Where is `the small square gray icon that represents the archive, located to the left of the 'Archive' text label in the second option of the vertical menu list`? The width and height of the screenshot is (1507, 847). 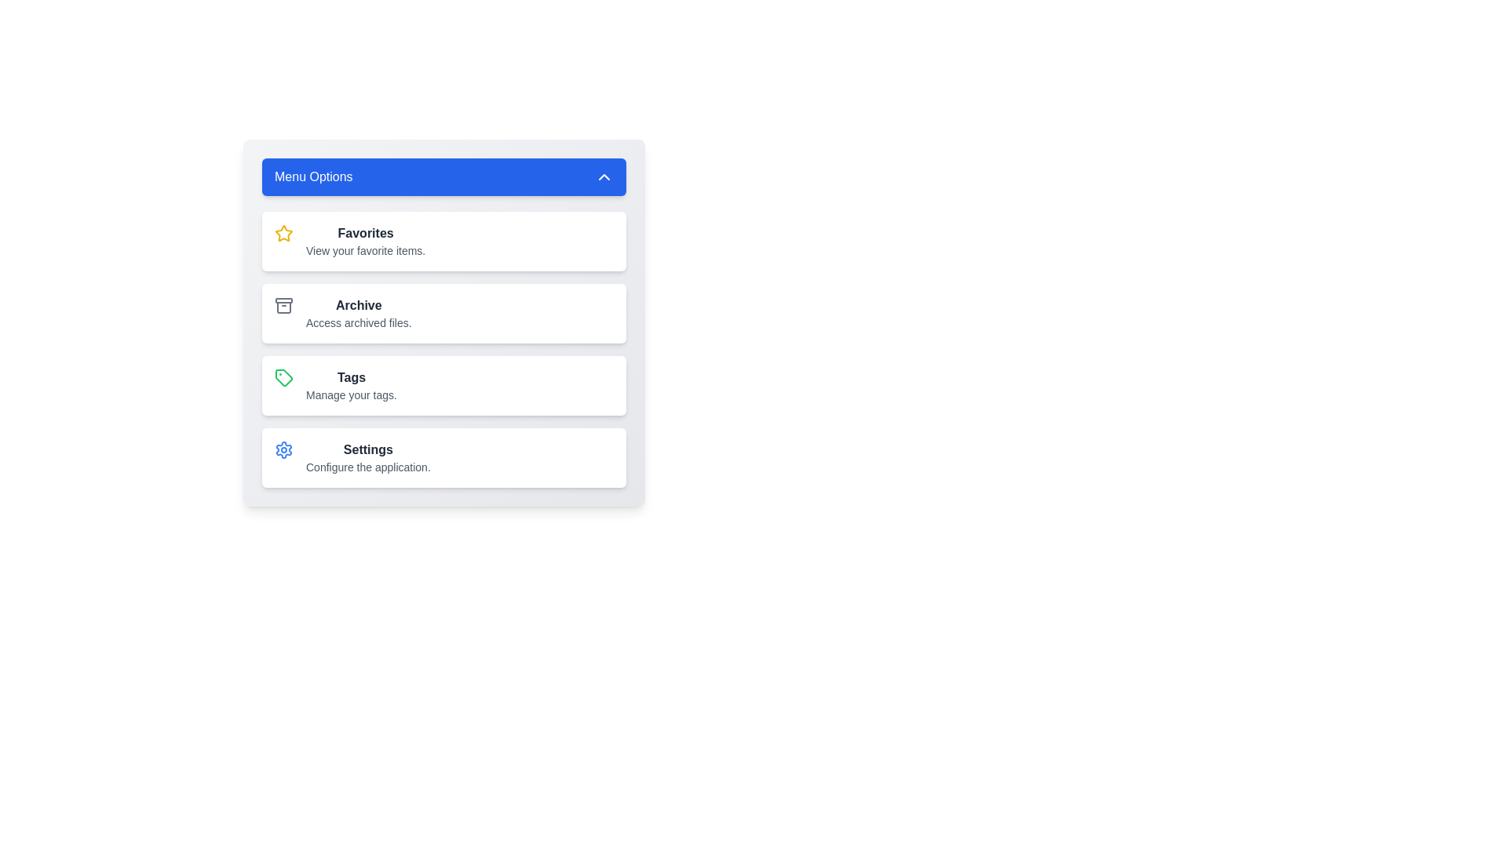 the small square gray icon that represents the archive, located to the left of the 'Archive' text label in the second option of the vertical menu list is located at coordinates (283, 305).